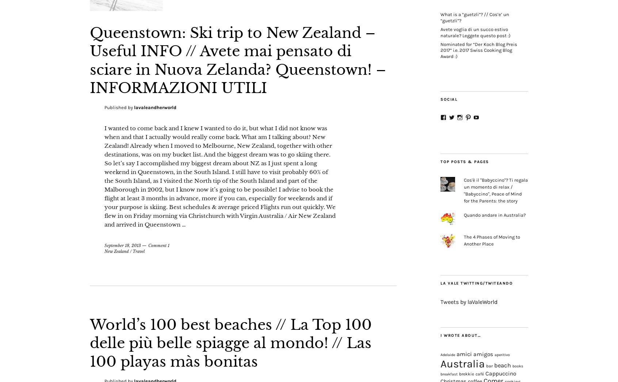 This screenshot has height=382, width=618. What do you see at coordinates (518, 366) in the screenshot?
I see `'books'` at bounding box center [518, 366].